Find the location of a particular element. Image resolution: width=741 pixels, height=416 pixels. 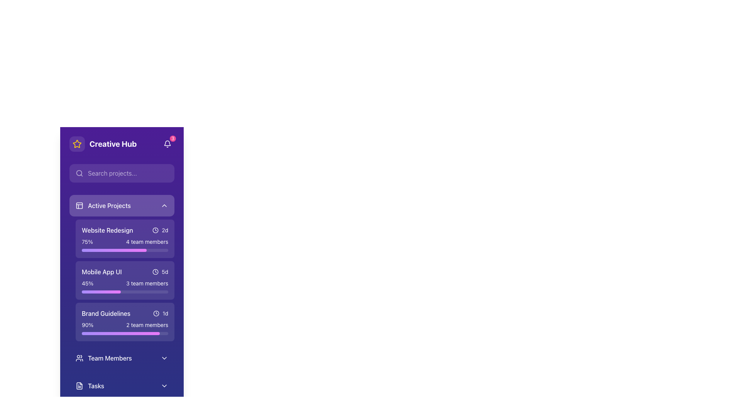

the informational label displaying '4 team members' located in the 'Website Redesign' project section of the dashboard's left sidebar is located at coordinates (147, 242).